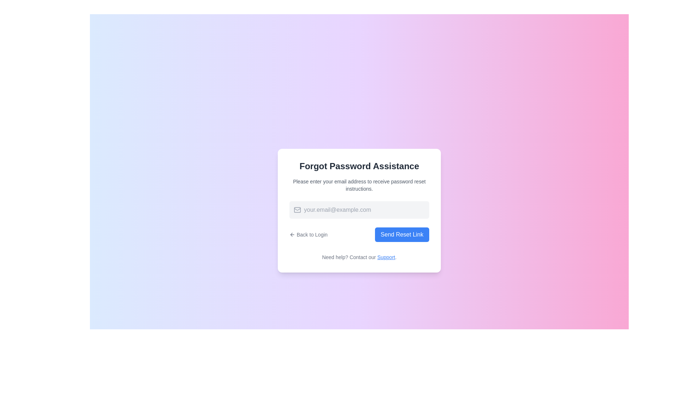  What do you see at coordinates (386, 257) in the screenshot?
I see `the 'Support' hyperlink located at the bottom of the card labeled 'Forgot Password Assistance'` at bounding box center [386, 257].